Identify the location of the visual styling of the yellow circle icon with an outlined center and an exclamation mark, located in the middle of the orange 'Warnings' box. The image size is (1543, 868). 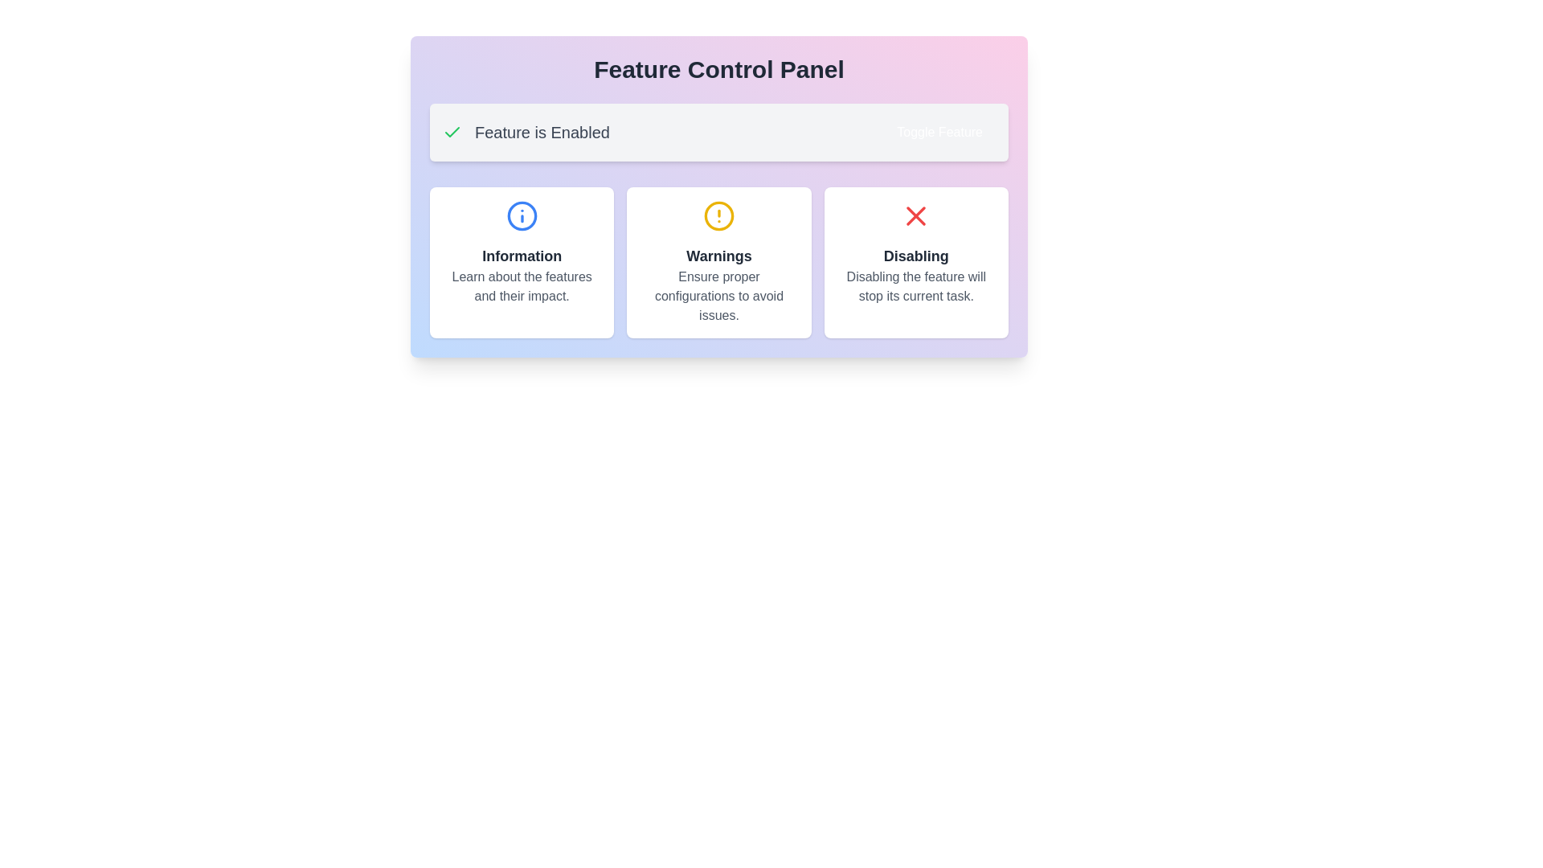
(718, 215).